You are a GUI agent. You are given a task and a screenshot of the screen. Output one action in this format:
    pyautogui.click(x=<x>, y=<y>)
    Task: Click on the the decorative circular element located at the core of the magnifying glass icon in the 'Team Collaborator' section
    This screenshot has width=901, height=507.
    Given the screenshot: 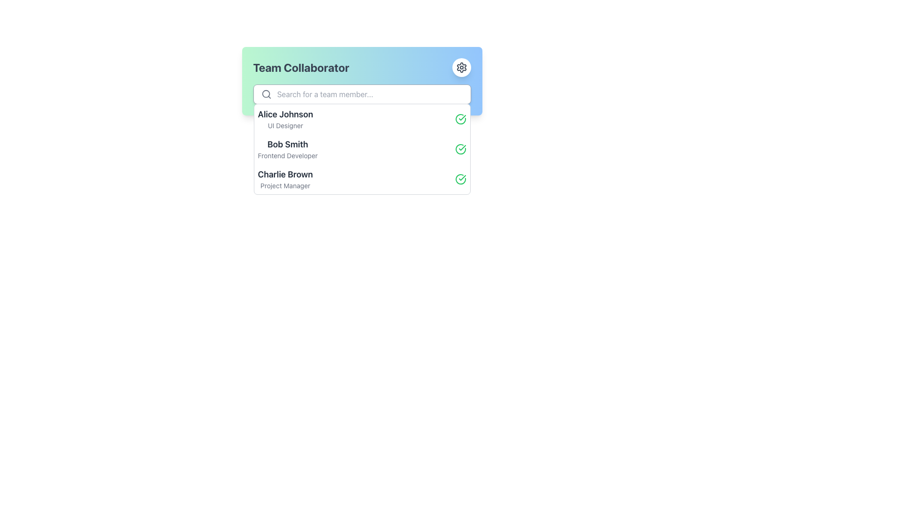 What is the action you would take?
    pyautogui.click(x=265, y=94)
    